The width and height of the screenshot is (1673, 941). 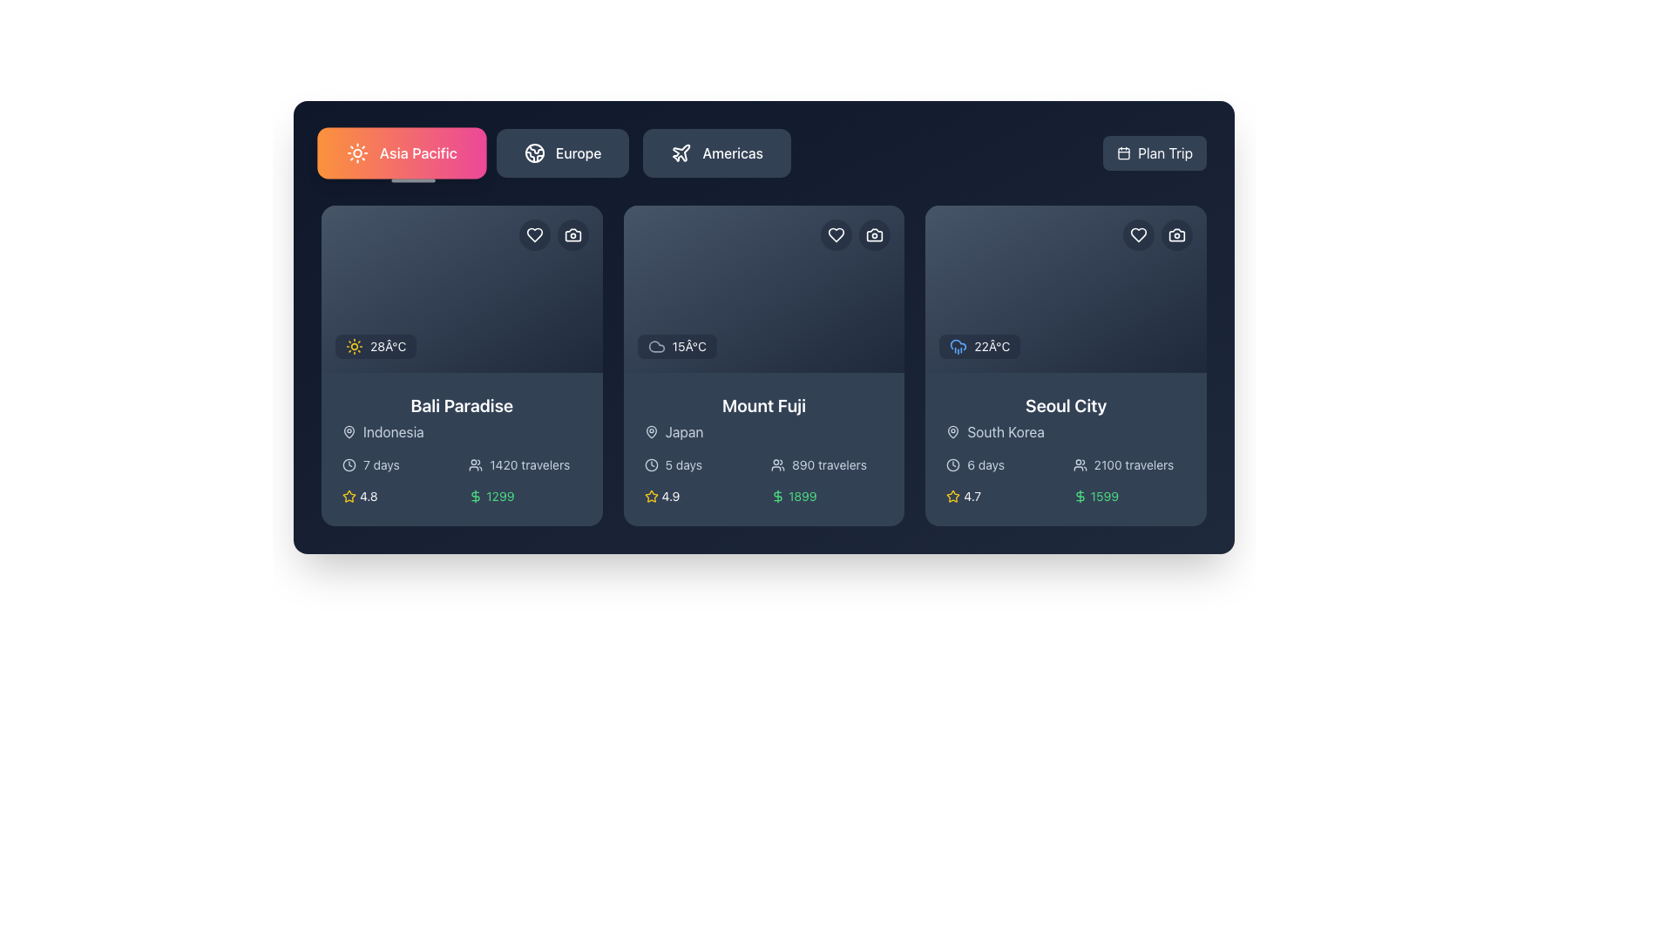 I want to click on the circular button with a dark slate background and white camera icon located in the top-right corner of the 'Seoul City' card, so click(x=1176, y=235).